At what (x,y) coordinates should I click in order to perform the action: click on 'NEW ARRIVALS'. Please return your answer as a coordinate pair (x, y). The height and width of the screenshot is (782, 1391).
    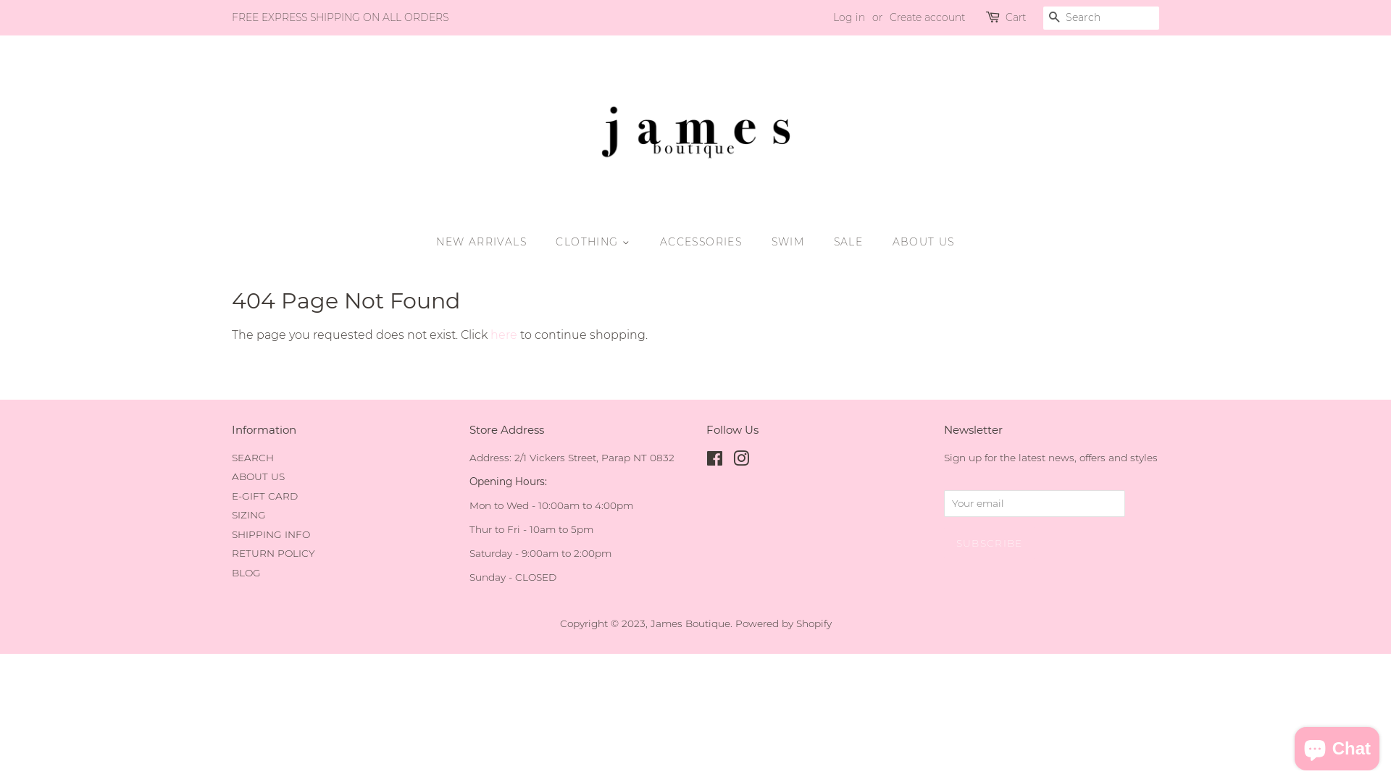
    Looking at the image, I should click on (488, 242).